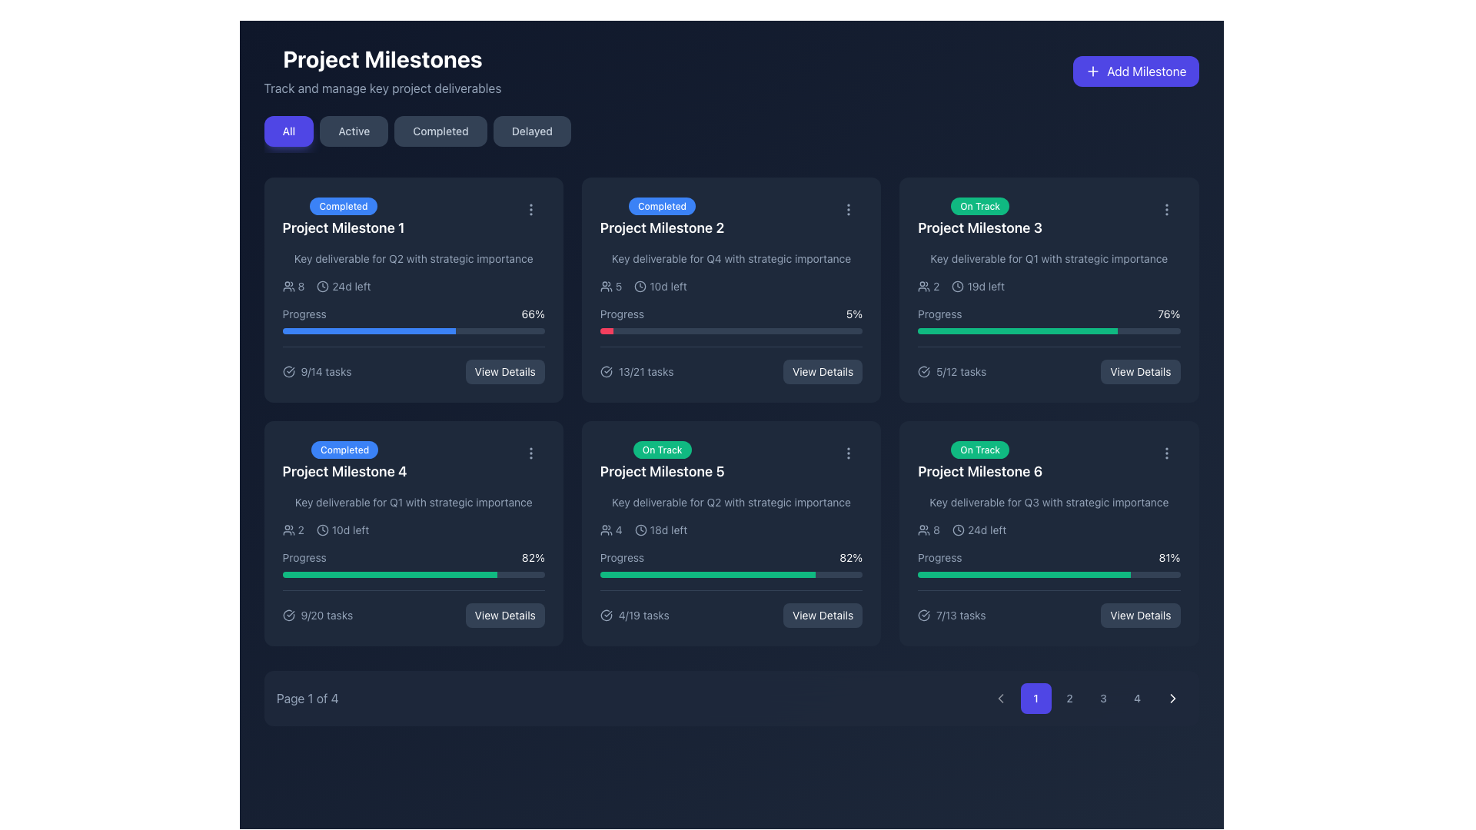  I want to click on the vertical ellipsis icon consisting of three small circles located in the top-right corner of the 'Project Milestone 3' card, so click(1166, 210).